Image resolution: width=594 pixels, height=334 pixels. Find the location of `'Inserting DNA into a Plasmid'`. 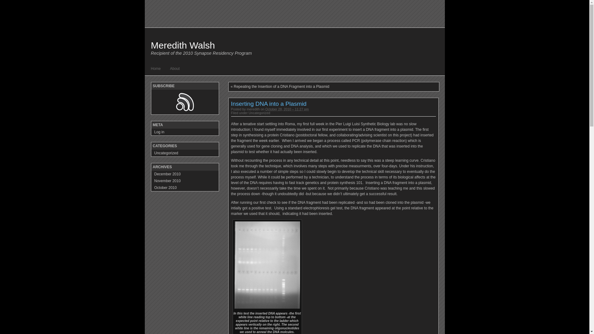

'Inserting DNA into a Plasmid' is located at coordinates (269, 103).